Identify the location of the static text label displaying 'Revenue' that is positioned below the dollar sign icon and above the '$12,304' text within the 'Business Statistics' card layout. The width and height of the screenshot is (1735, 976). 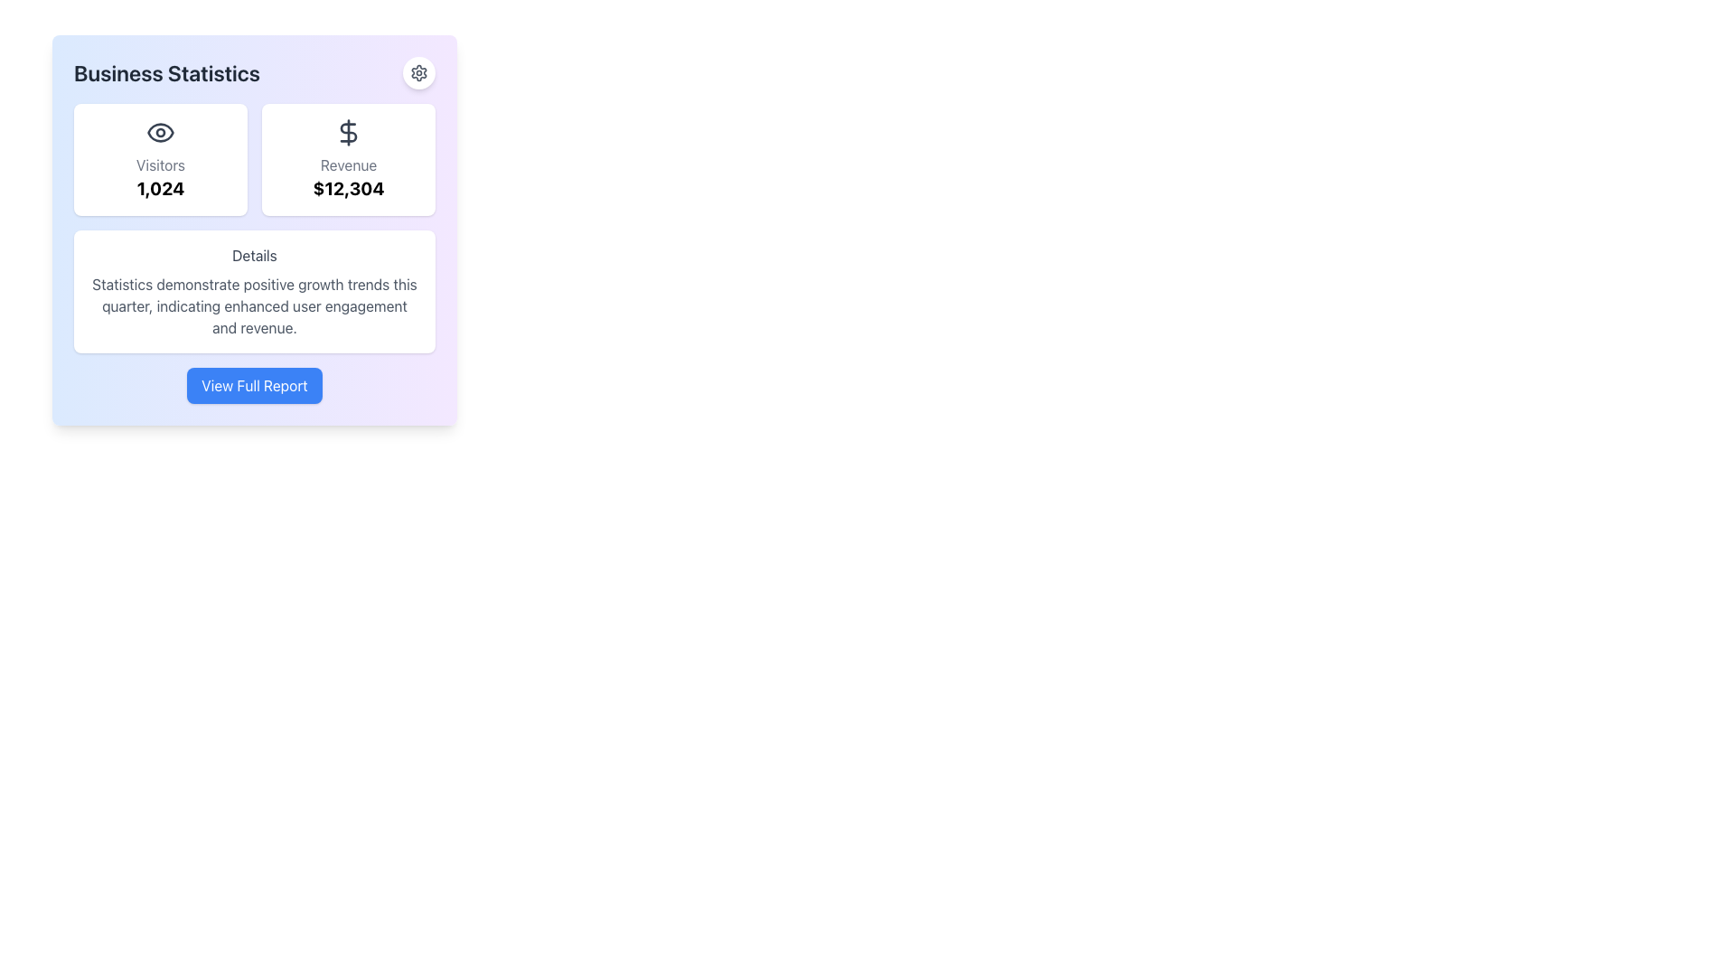
(348, 164).